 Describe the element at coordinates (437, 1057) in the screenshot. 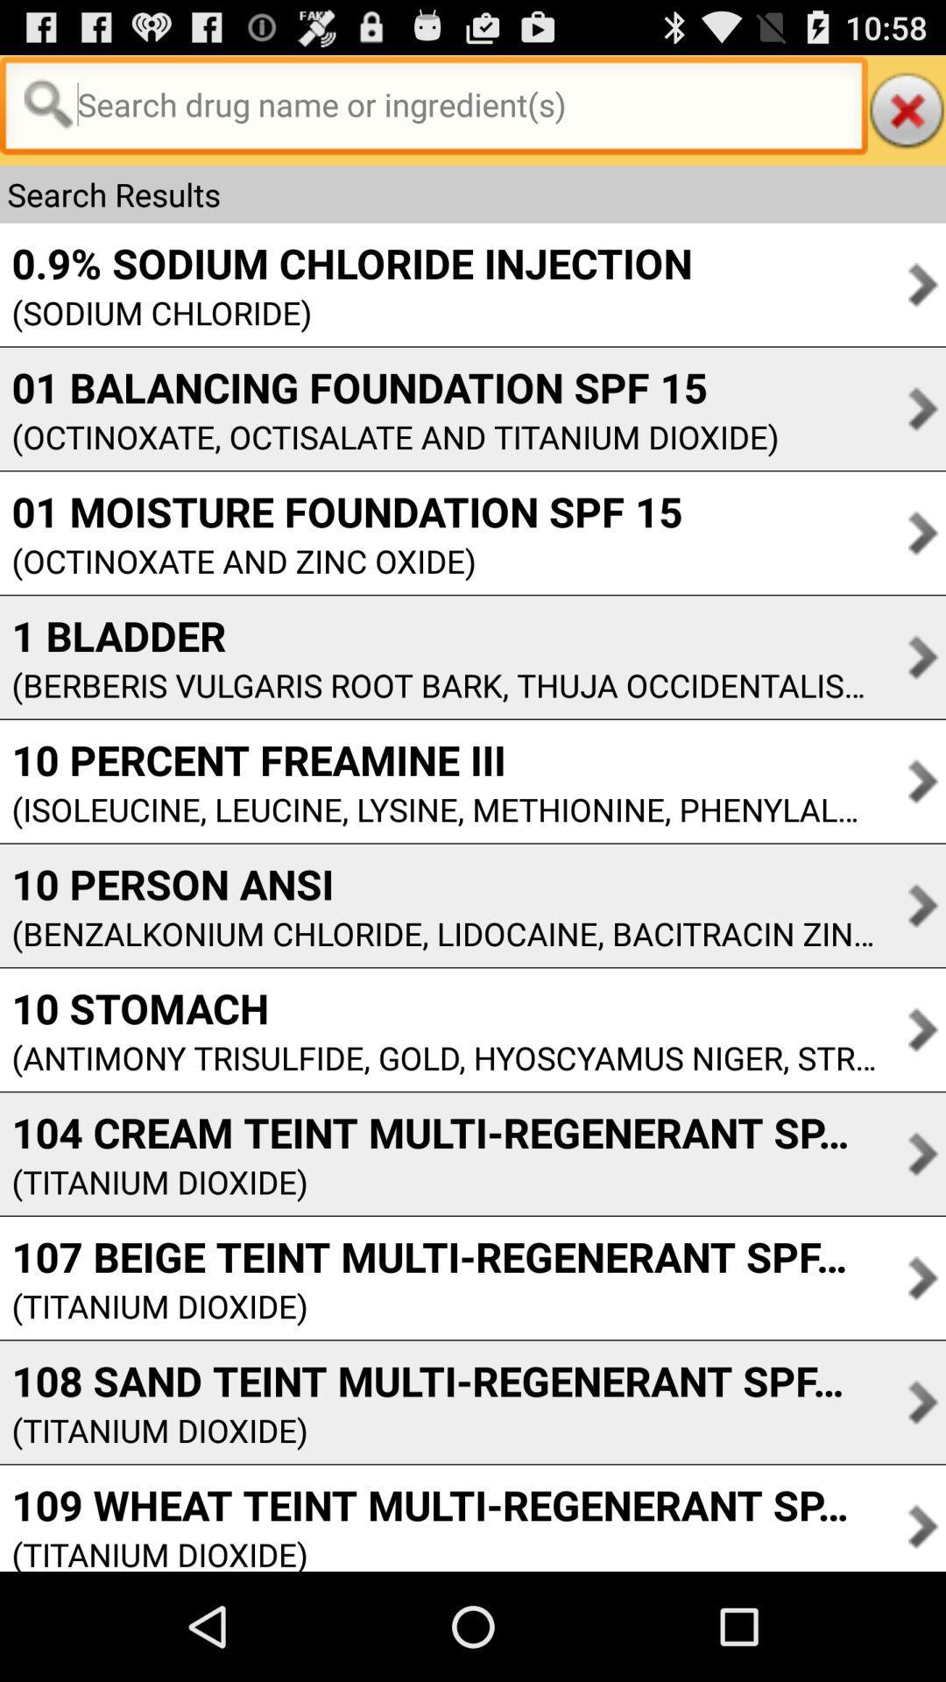

I see `the icon above the 104 cream teint` at that location.